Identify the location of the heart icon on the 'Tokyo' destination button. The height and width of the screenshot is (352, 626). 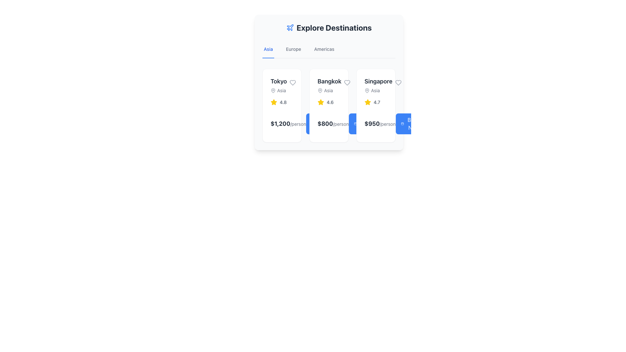
(292, 82).